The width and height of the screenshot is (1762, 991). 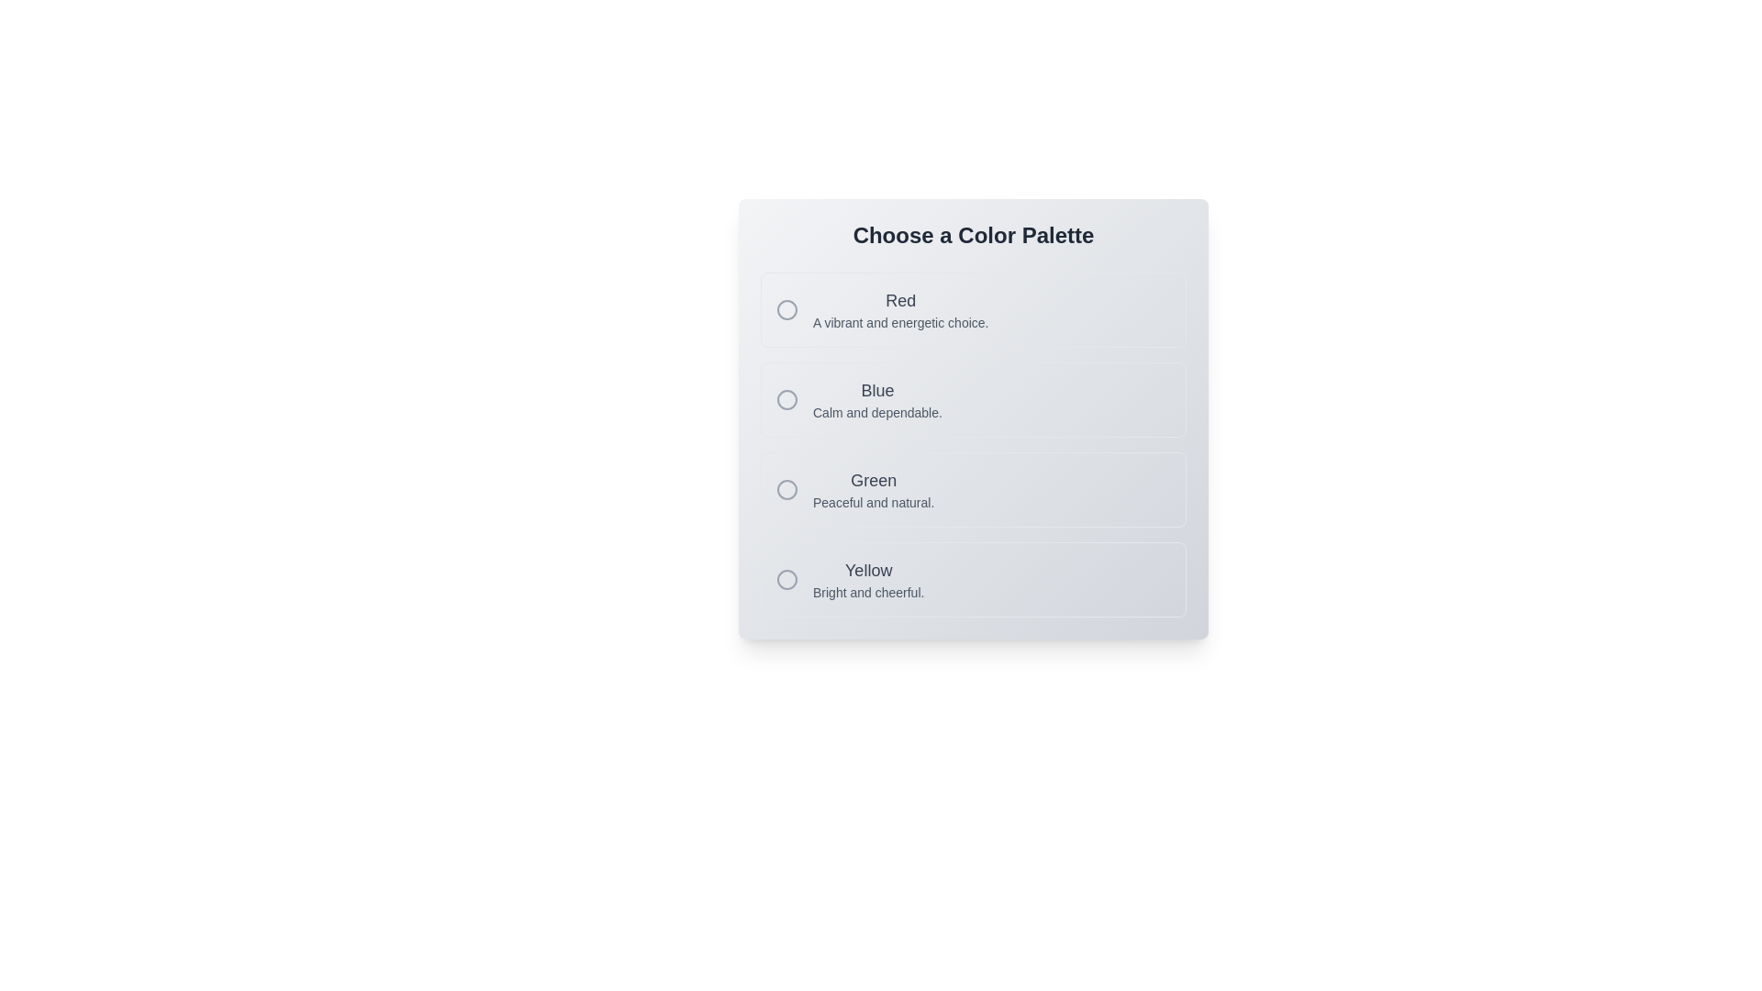 I want to click on the static text element that provides a descriptive tagline for the 'Red' option in the color palette selection, located immediately below the word 'Red', so click(x=900, y=321).